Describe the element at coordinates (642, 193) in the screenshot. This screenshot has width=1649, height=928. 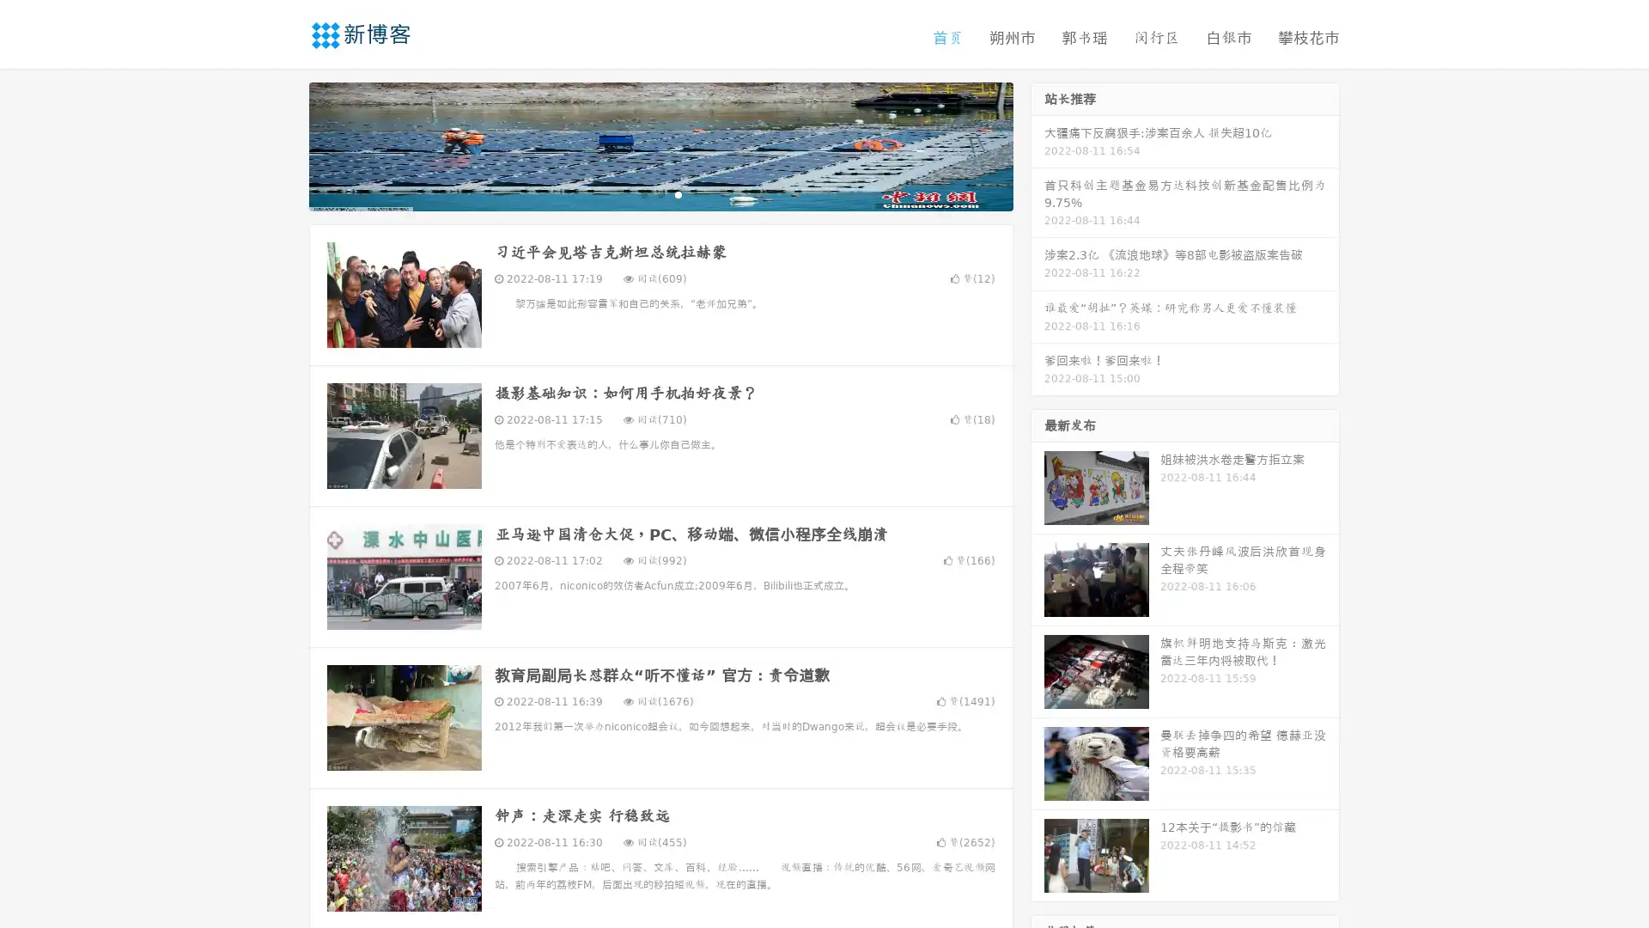
I see `Go to slide 1` at that location.